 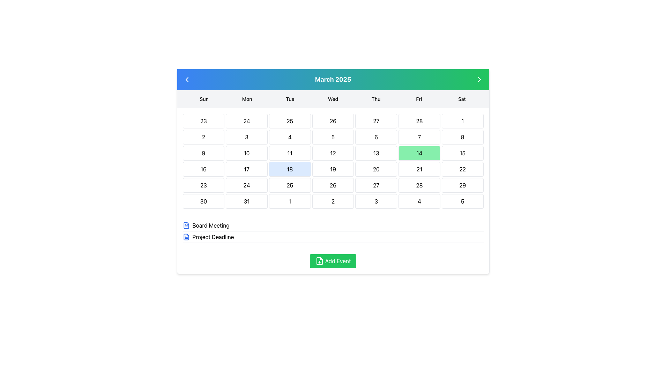 I want to click on the rightward arrow icon located at the far right end of the green header bar, so click(x=479, y=79).